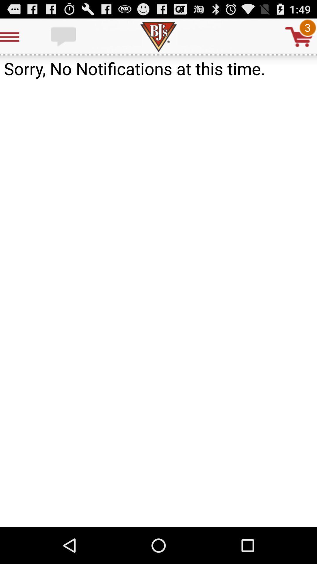 This screenshot has width=317, height=564. What do you see at coordinates (64, 36) in the screenshot?
I see `messages` at bounding box center [64, 36].